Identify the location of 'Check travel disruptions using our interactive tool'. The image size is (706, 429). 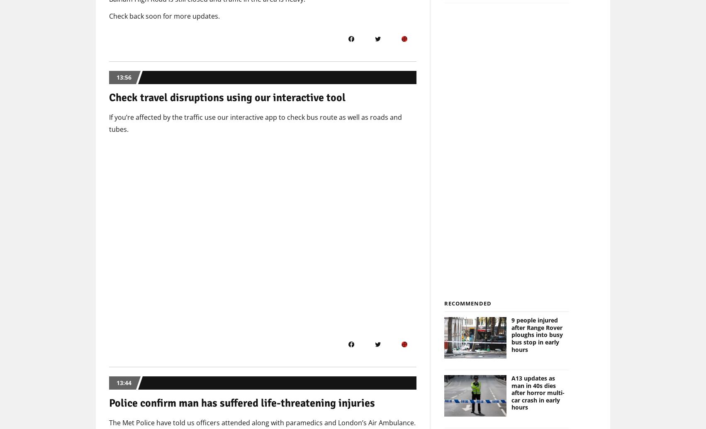
(227, 97).